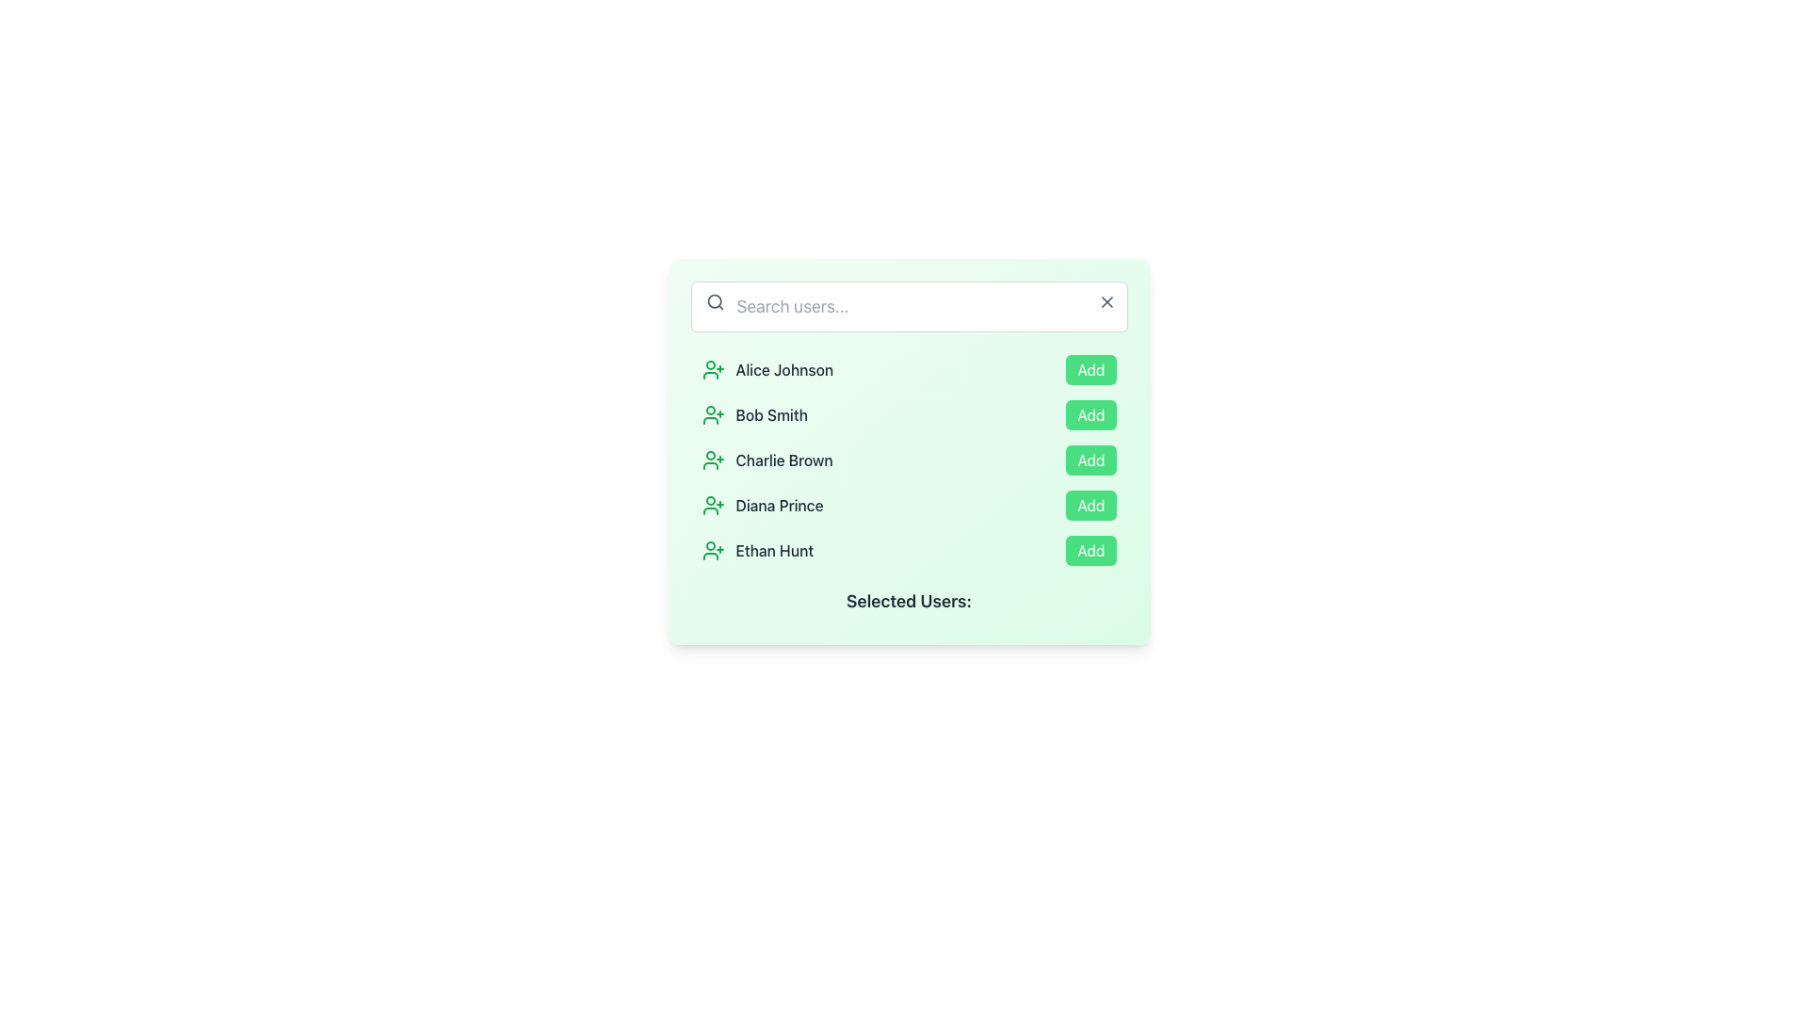 This screenshot has width=1808, height=1017. Describe the element at coordinates (763, 504) in the screenshot. I see `the text label identifying the user 'Diana Prince' in the user list, which is the fourth item in the vertical list located centrally in its row` at that location.